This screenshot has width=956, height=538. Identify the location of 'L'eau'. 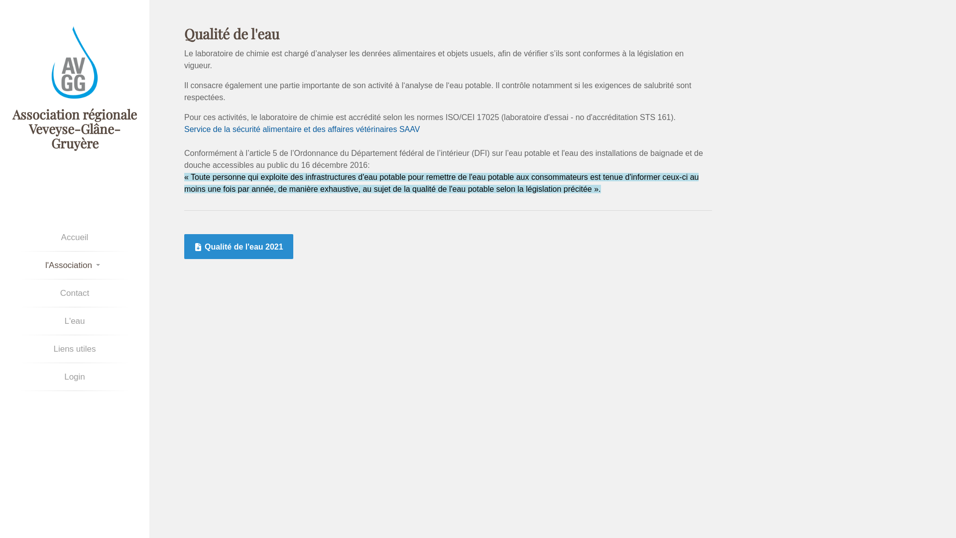
(74, 321).